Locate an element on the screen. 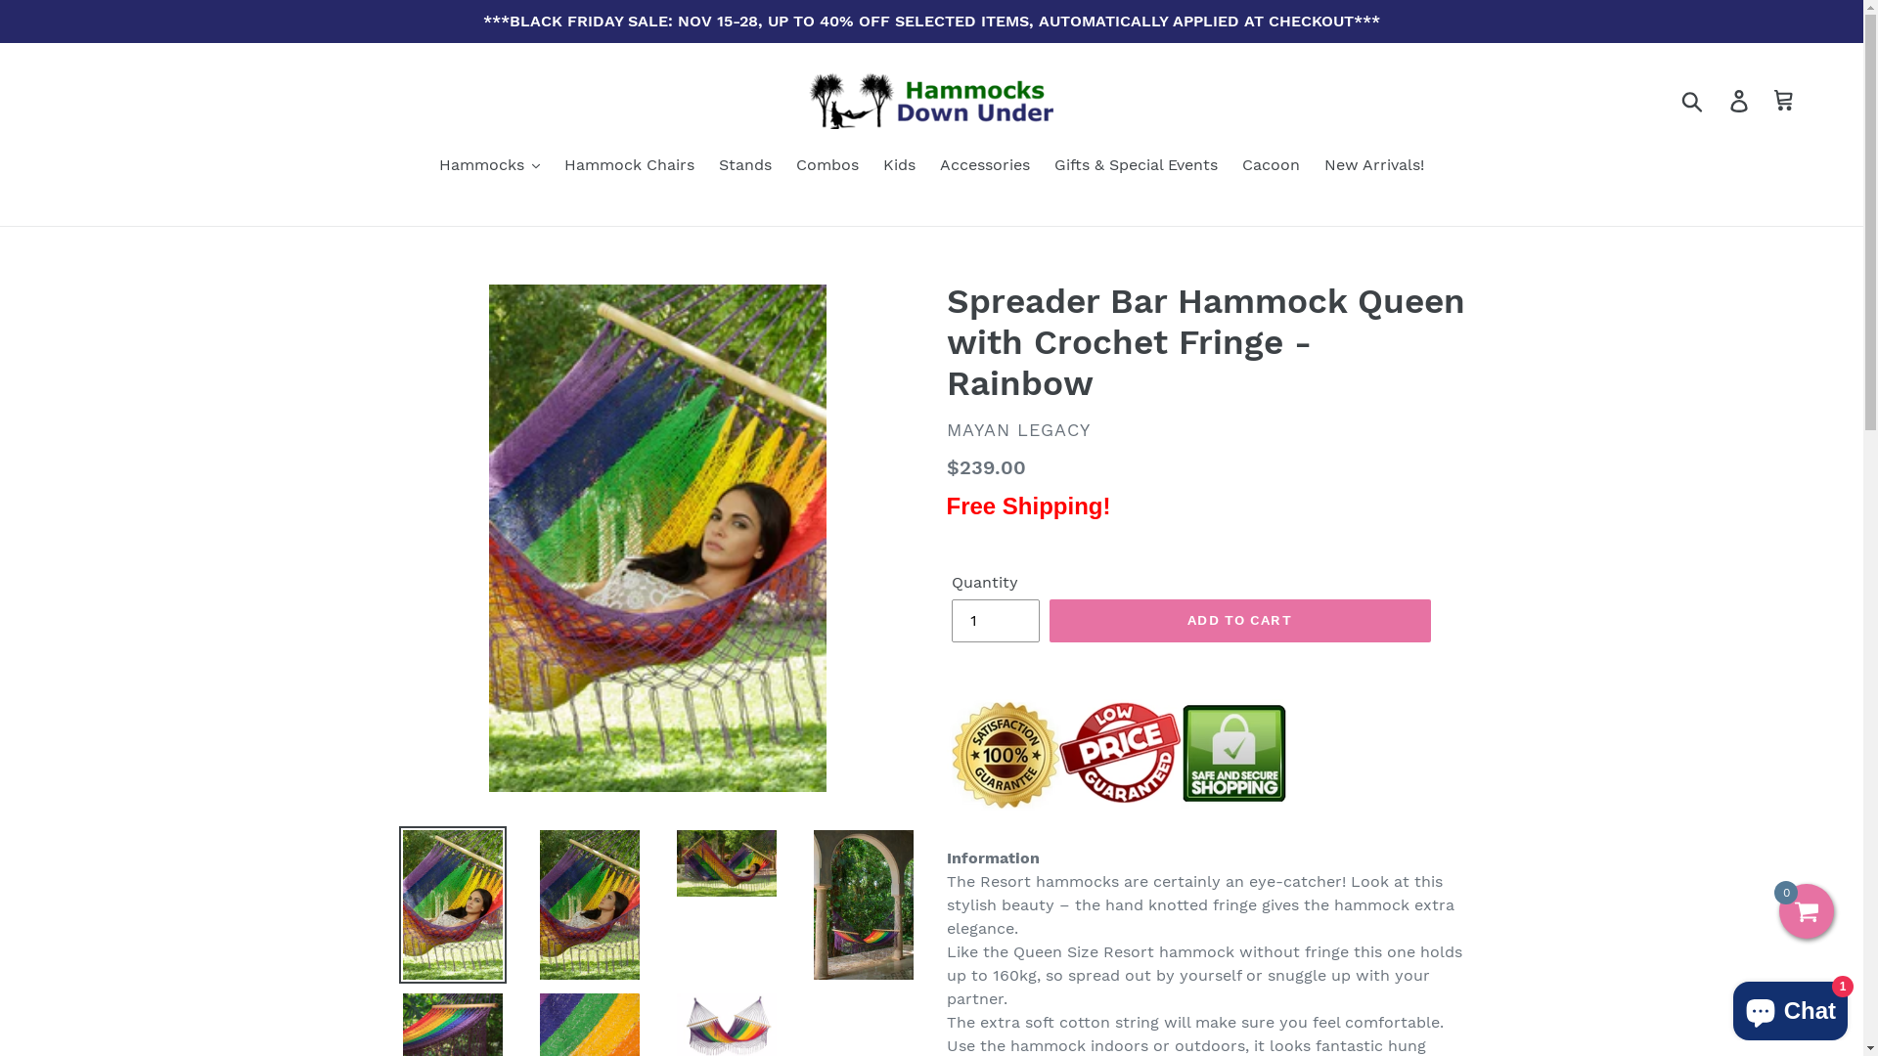  'New Arrivals!' is located at coordinates (1373, 165).